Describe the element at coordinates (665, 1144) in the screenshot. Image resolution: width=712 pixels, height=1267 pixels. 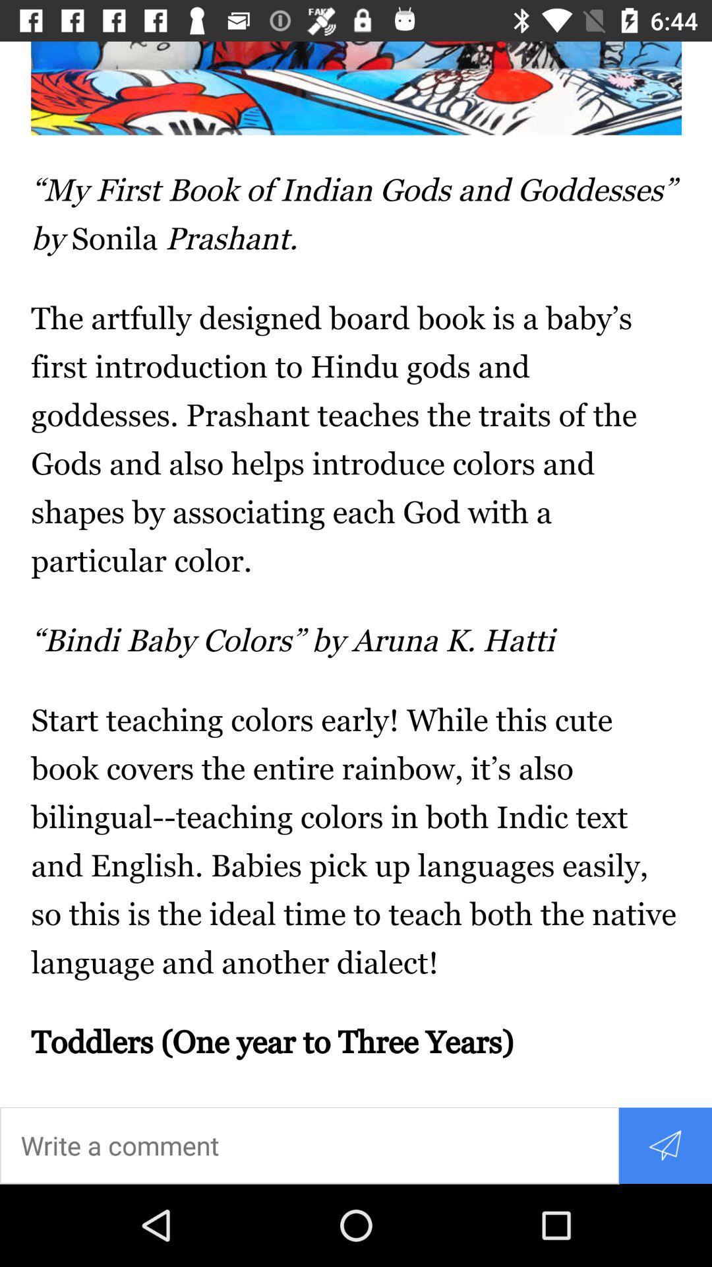
I see `the send icon` at that location.